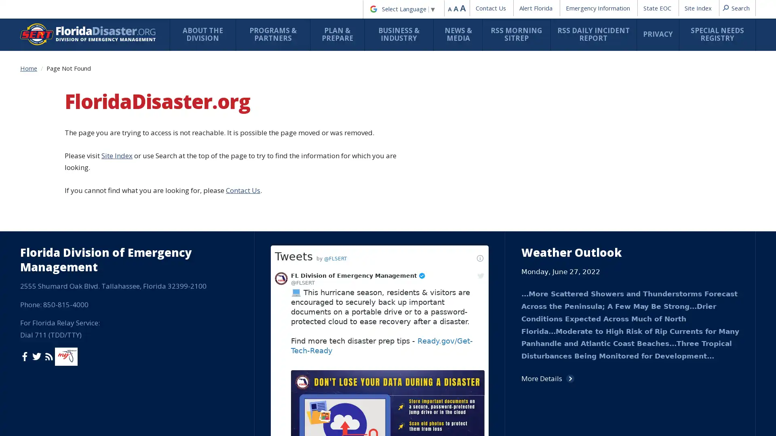 The width and height of the screenshot is (776, 436). I want to click on Toggle More, so click(324, 381).